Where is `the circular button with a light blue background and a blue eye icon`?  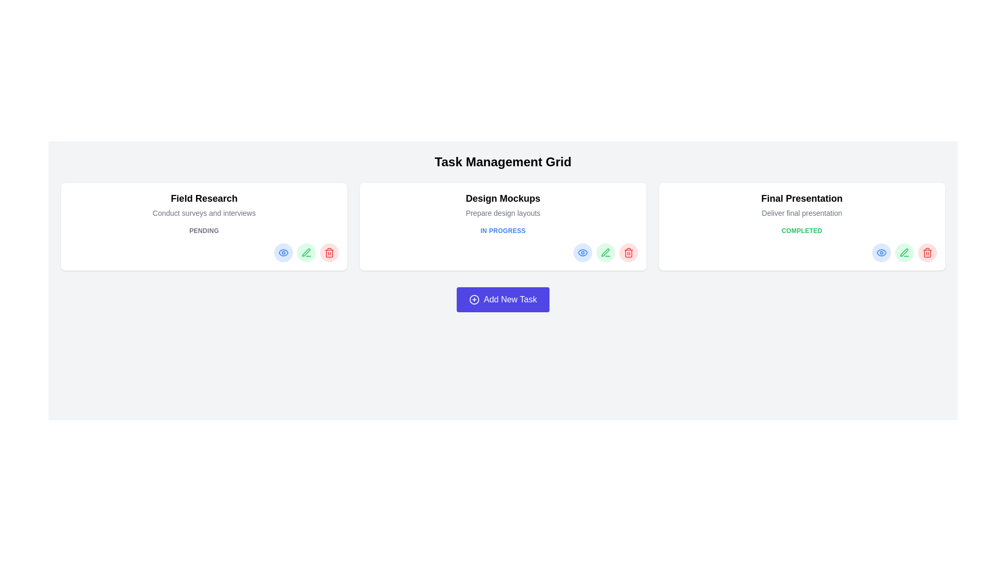
the circular button with a light blue background and a blue eye icon is located at coordinates (284, 253).